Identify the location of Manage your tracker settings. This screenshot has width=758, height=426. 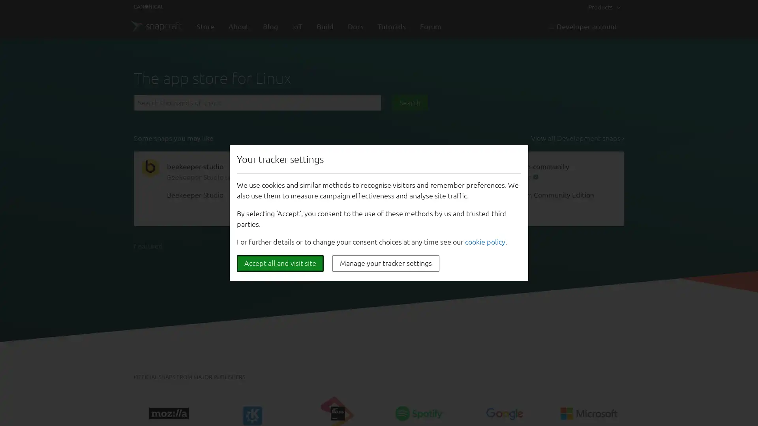
(386, 263).